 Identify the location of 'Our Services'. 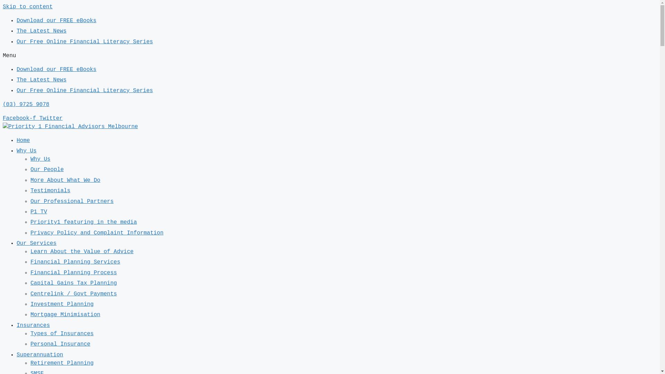
(36, 243).